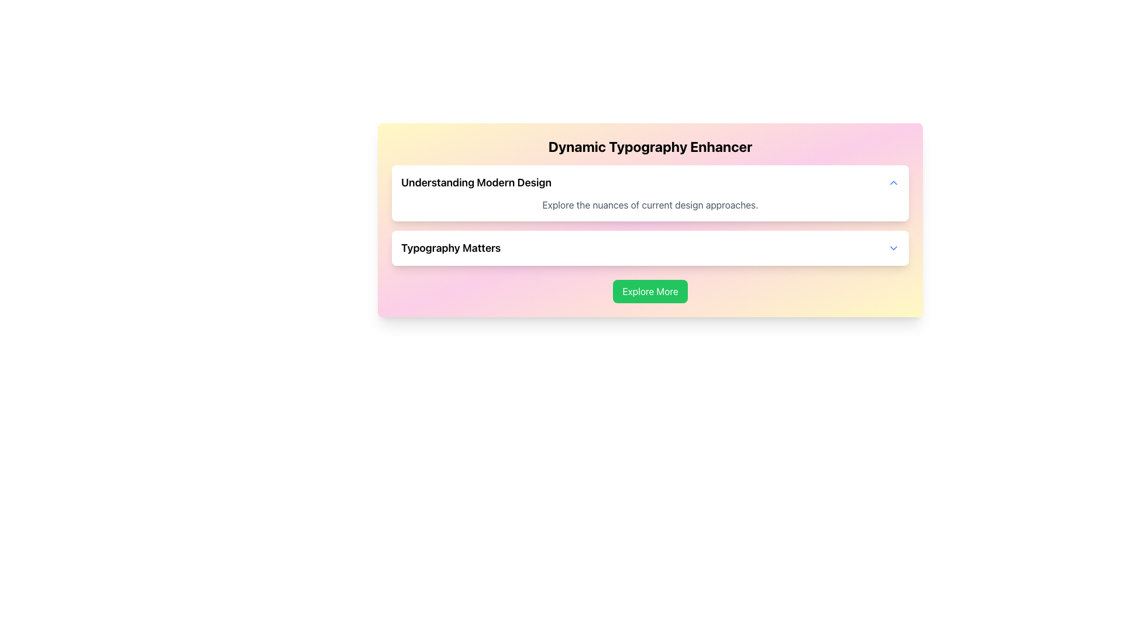  I want to click on the Informational Section titled 'Understanding Modern Design' and 'Typography Matters' to interact with embedded elements, so click(650, 216).